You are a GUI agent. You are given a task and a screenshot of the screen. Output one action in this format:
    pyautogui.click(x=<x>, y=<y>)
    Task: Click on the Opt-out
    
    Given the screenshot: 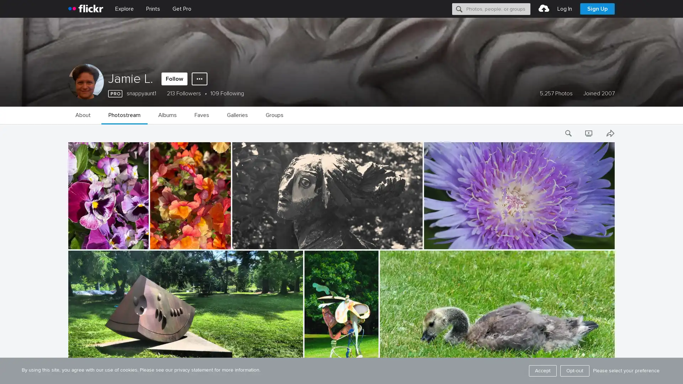 What is the action you would take?
    pyautogui.click(x=575, y=370)
    